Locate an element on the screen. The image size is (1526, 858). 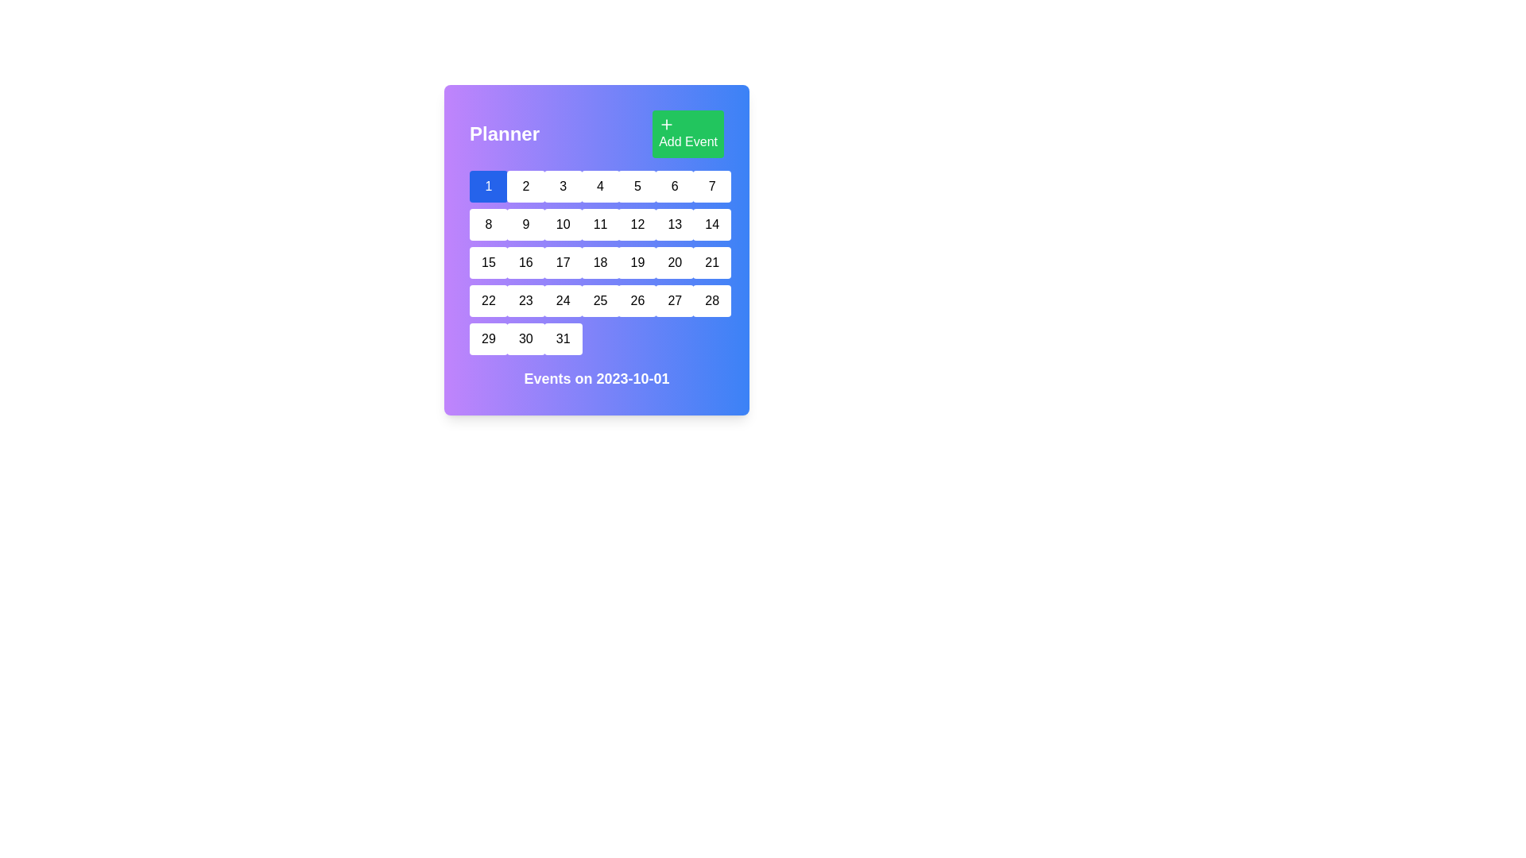
the button labeled '2' in the calendar layout is located at coordinates (525, 186).